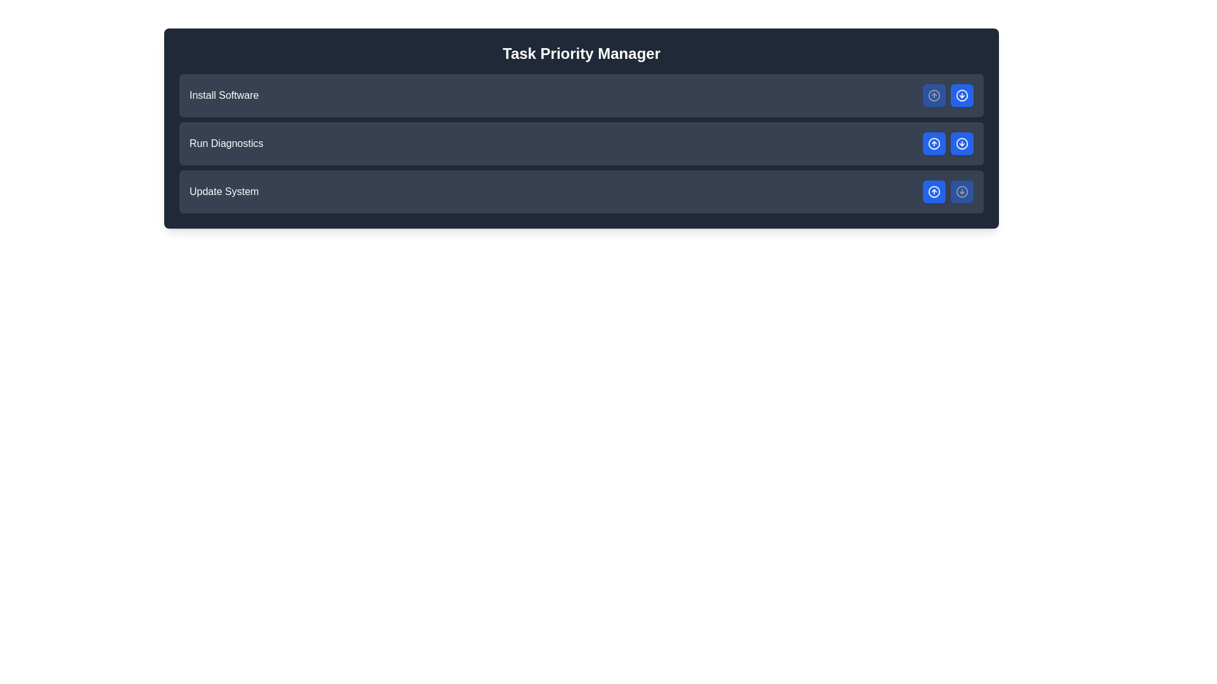  What do you see at coordinates (934, 143) in the screenshot?
I see `the second upward arrow control button with a blue background and white foreground icon in the 'Run Diagnostics' row` at bounding box center [934, 143].